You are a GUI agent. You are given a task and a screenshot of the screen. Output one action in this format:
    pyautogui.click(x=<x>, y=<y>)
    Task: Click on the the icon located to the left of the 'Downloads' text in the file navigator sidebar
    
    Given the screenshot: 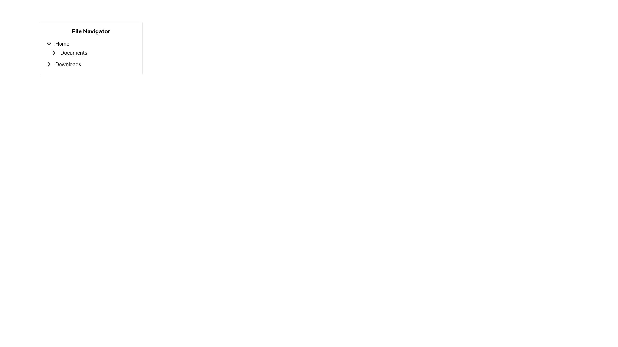 What is the action you would take?
    pyautogui.click(x=49, y=64)
    